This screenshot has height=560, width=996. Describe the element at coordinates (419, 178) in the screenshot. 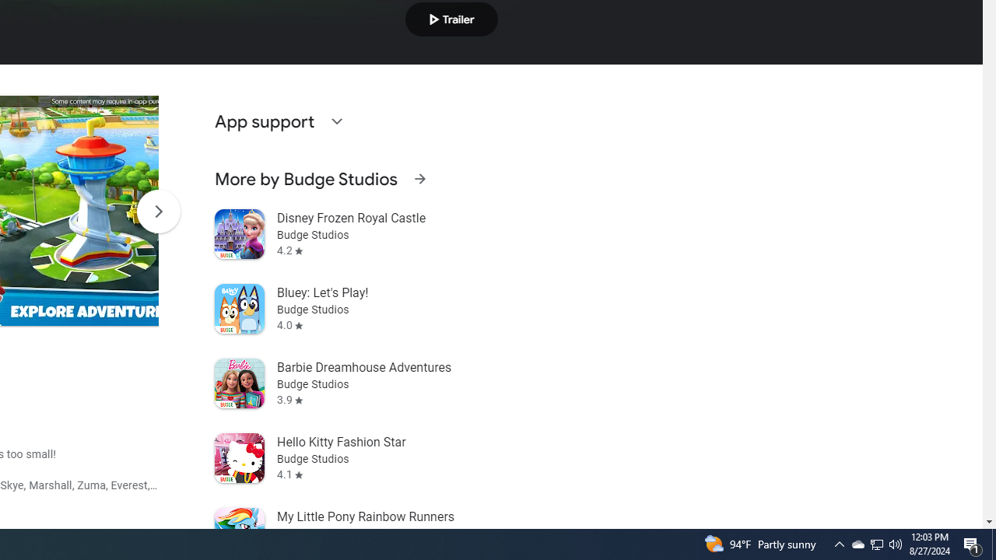

I see `'See more information on More by Budge Studios'` at that location.